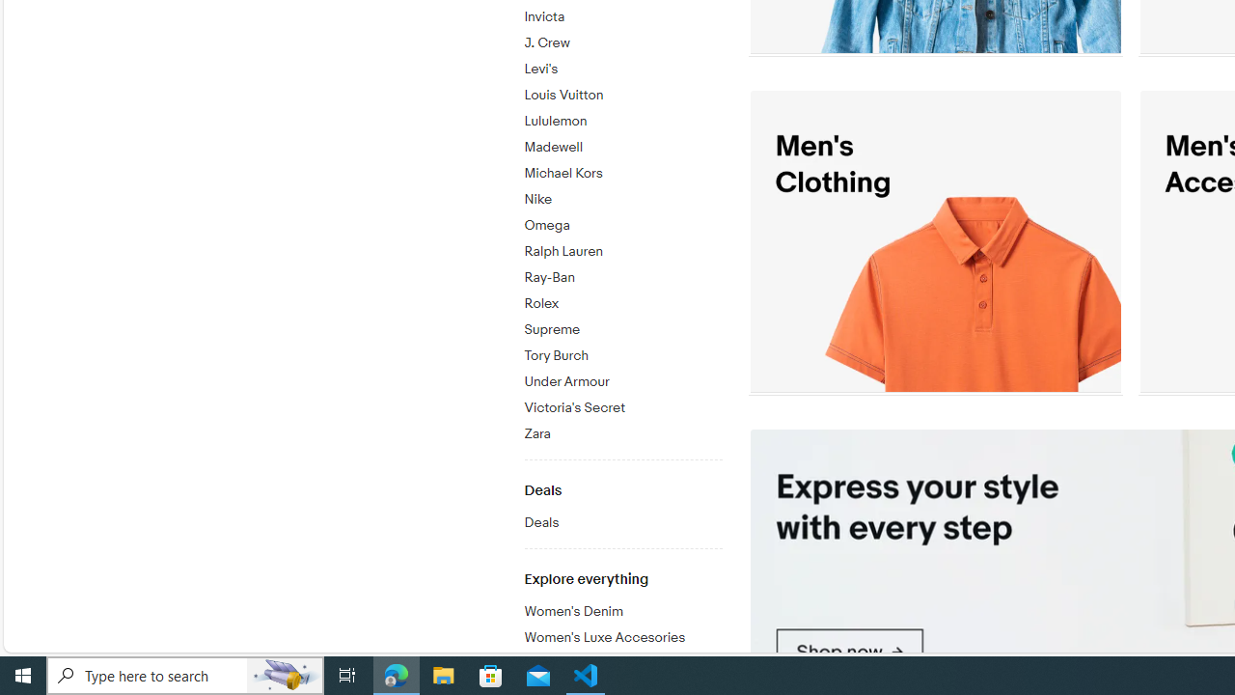 The width and height of the screenshot is (1235, 695). What do you see at coordinates (622, 221) in the screenshot?
I see `'Omega'` at bounding box center [622, 221].